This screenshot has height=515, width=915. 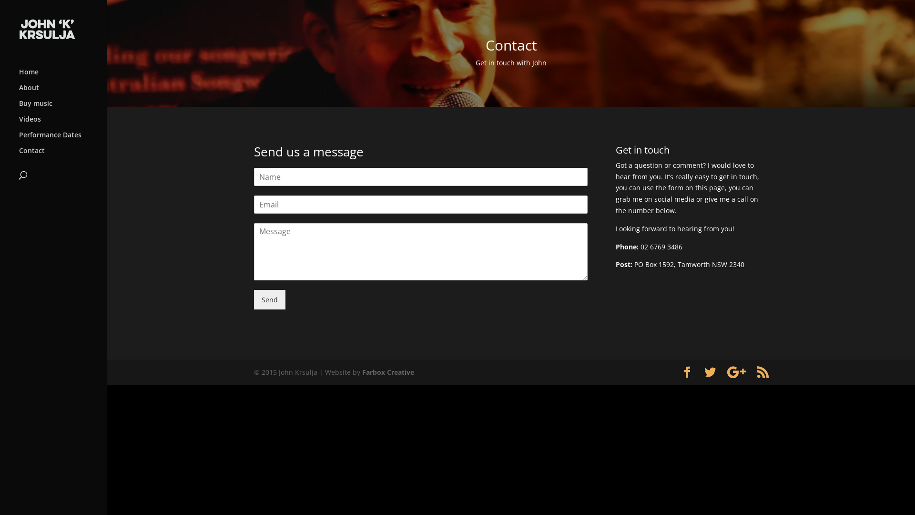 What do you see at coordinates (62, 76) in the screenshot?
I see `'Home'` at bounding box center [62, 76].